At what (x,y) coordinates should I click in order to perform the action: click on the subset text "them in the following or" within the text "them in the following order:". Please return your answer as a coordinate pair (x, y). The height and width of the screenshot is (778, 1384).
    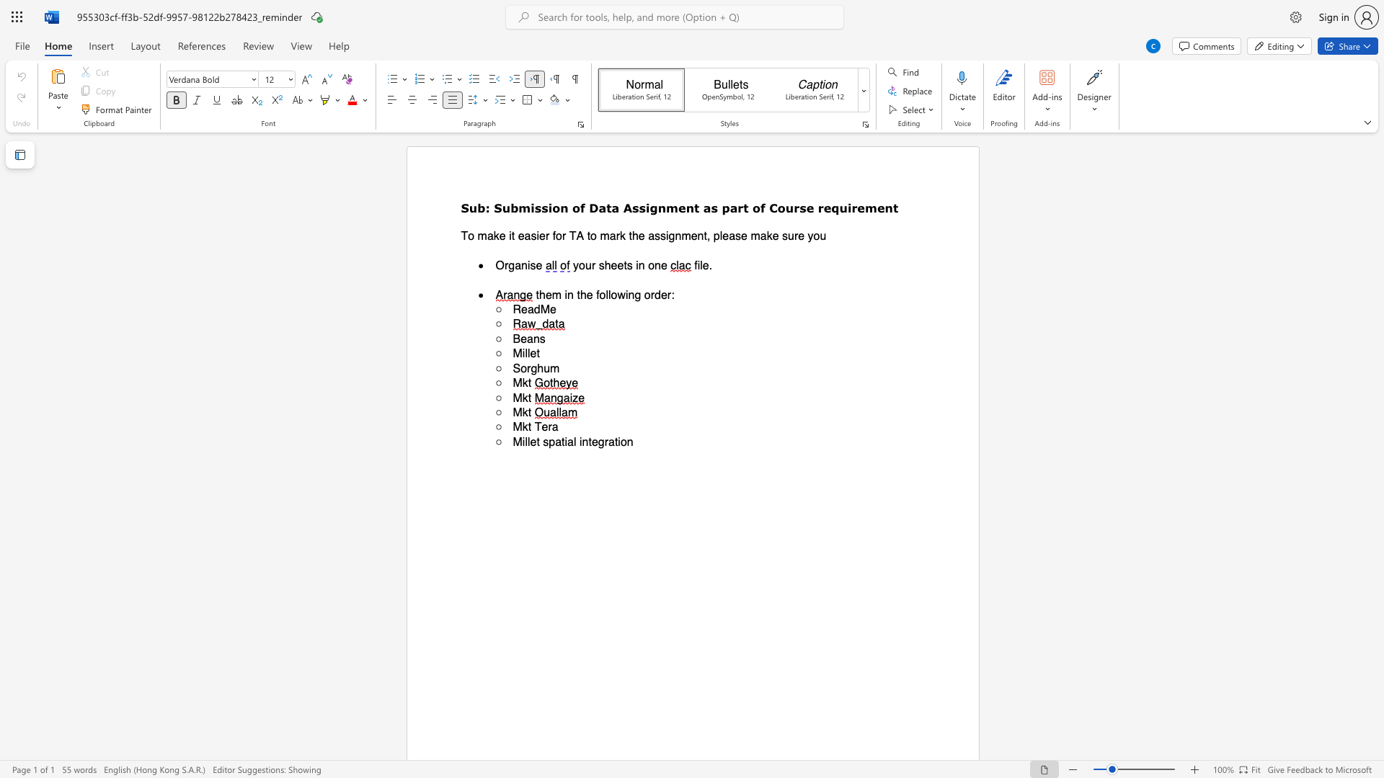
    Looking at the image, I should click on (535, 294).